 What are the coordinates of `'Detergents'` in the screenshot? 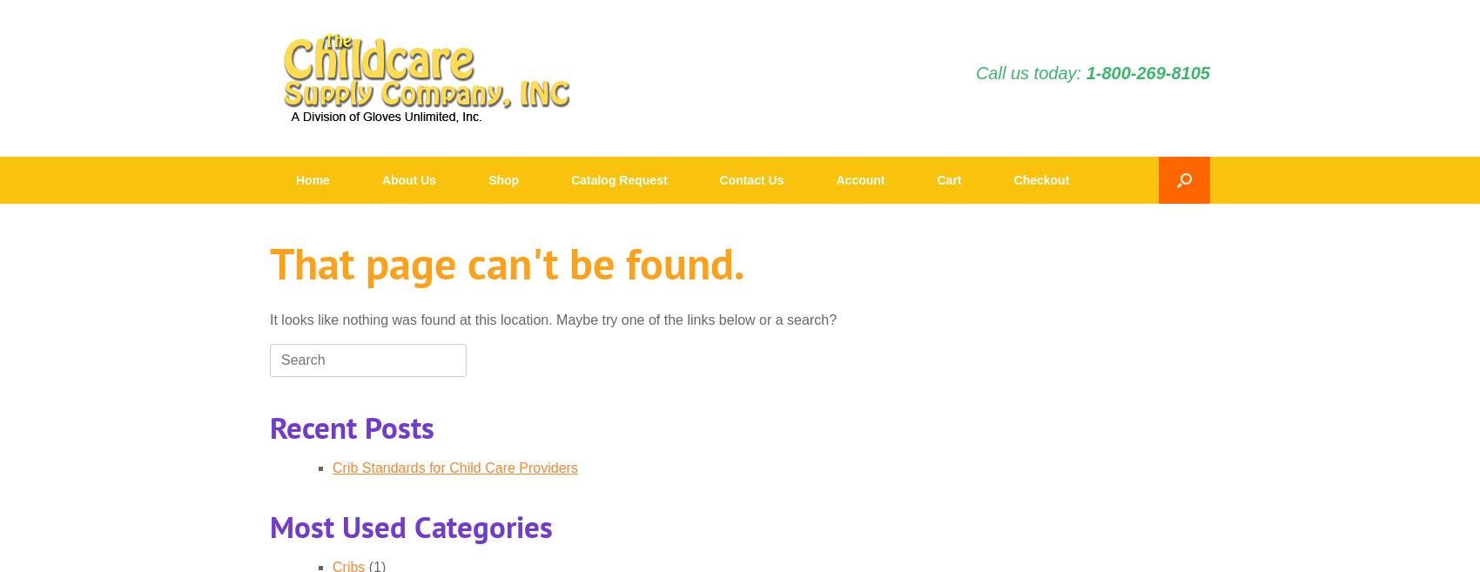 It's located at (693, 452).